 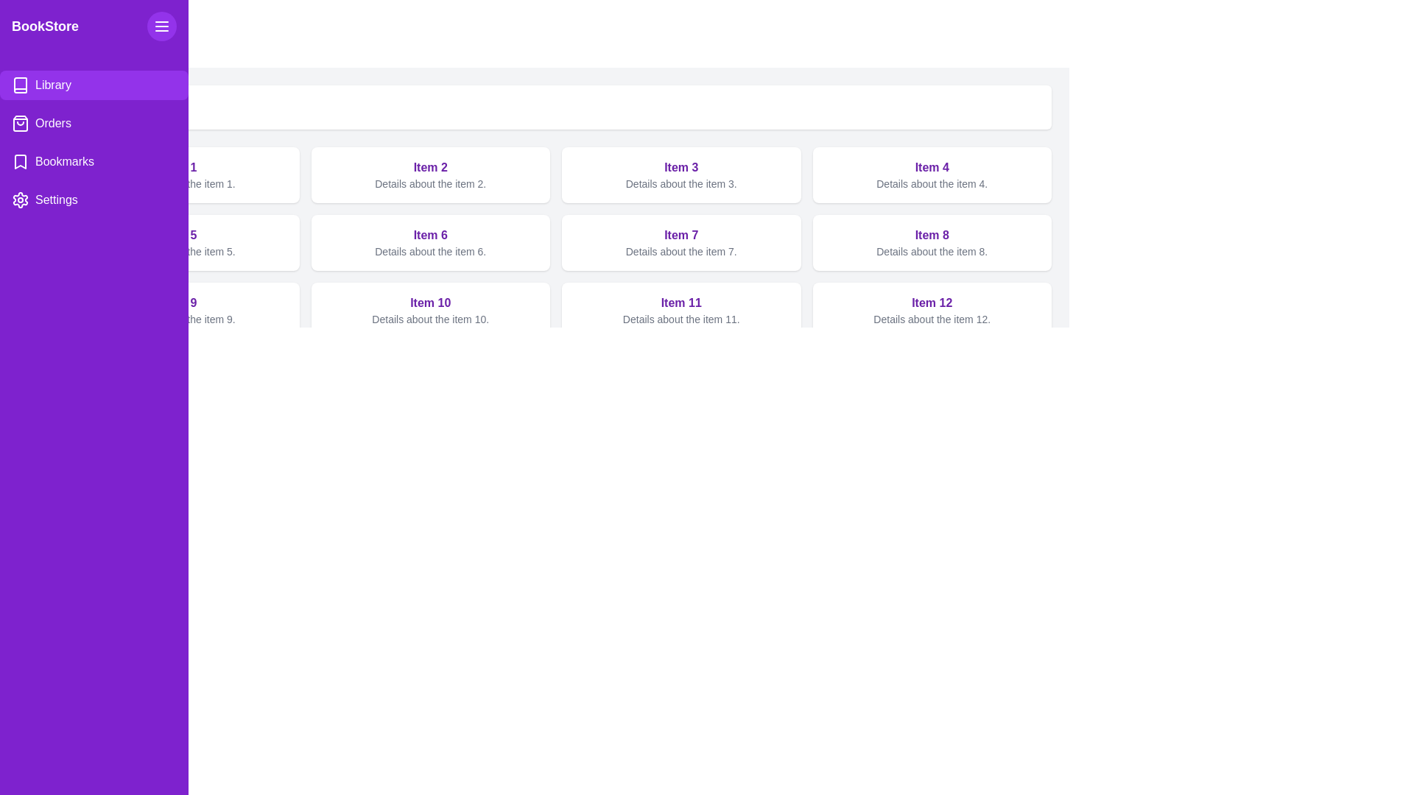 I want to click on the informational card titled 'Item 2', which is the second card in the grid layout, featuring bold purple text for the title and a grey description below, so click(x=429, y=174).